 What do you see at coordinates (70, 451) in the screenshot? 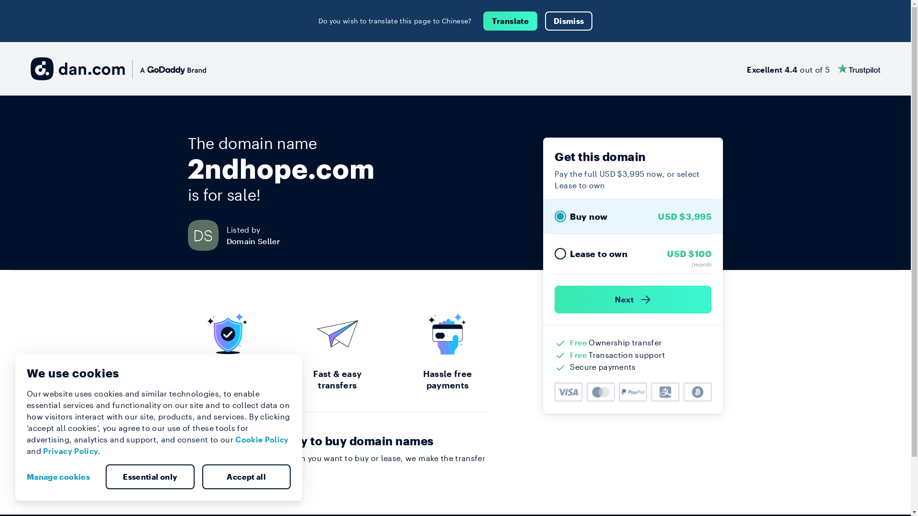
I see `'Privacy Policy'` at bounding box center [70, 451].